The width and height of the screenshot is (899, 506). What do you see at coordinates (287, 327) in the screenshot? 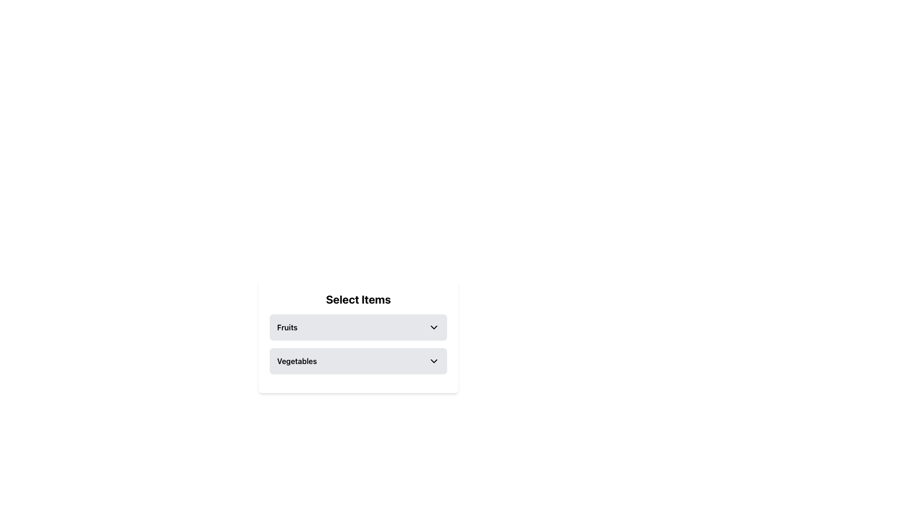
I see `text content of the 'Fruits' label in the dropdown menu, which indicates the currently selected item` at bounding box center [287, 327].